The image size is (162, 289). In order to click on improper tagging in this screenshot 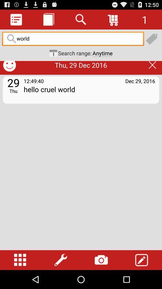, I will do `click(141, 54)`.